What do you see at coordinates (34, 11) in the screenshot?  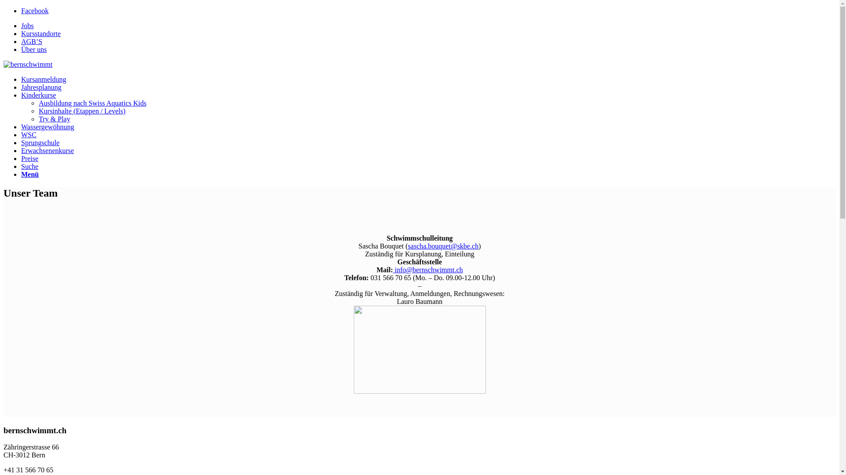 I see `'Facebook'` at bounding box center [34, 11].